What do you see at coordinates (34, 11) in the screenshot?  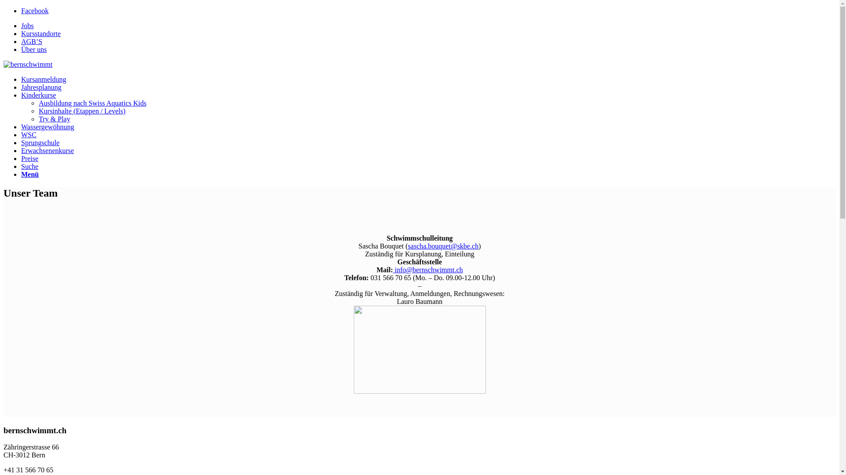 I see `'Facebook'` at bounding box center [34, 11].